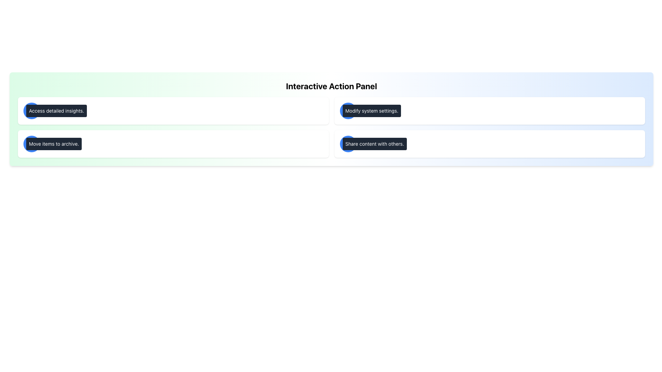  Describe the element at coordinates (371, 110) in the screenshot. I see `the informational text label that provides instructions related to modifying system settings, located in the upper-right quadrant of the Interactive Action Panel, following the text labeled 'Configure'` at that location.